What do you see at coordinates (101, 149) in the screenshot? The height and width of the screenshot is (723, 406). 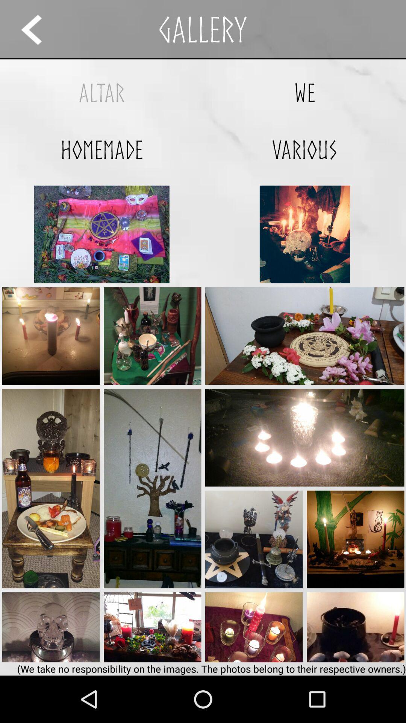 I see `the app to the left of various` at bounding box center [101, 149].